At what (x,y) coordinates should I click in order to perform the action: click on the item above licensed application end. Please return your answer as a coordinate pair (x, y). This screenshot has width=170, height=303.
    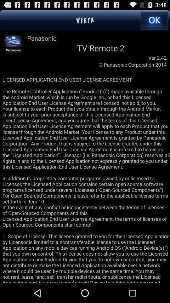
    Looking at the image, I should click on (13, 44).